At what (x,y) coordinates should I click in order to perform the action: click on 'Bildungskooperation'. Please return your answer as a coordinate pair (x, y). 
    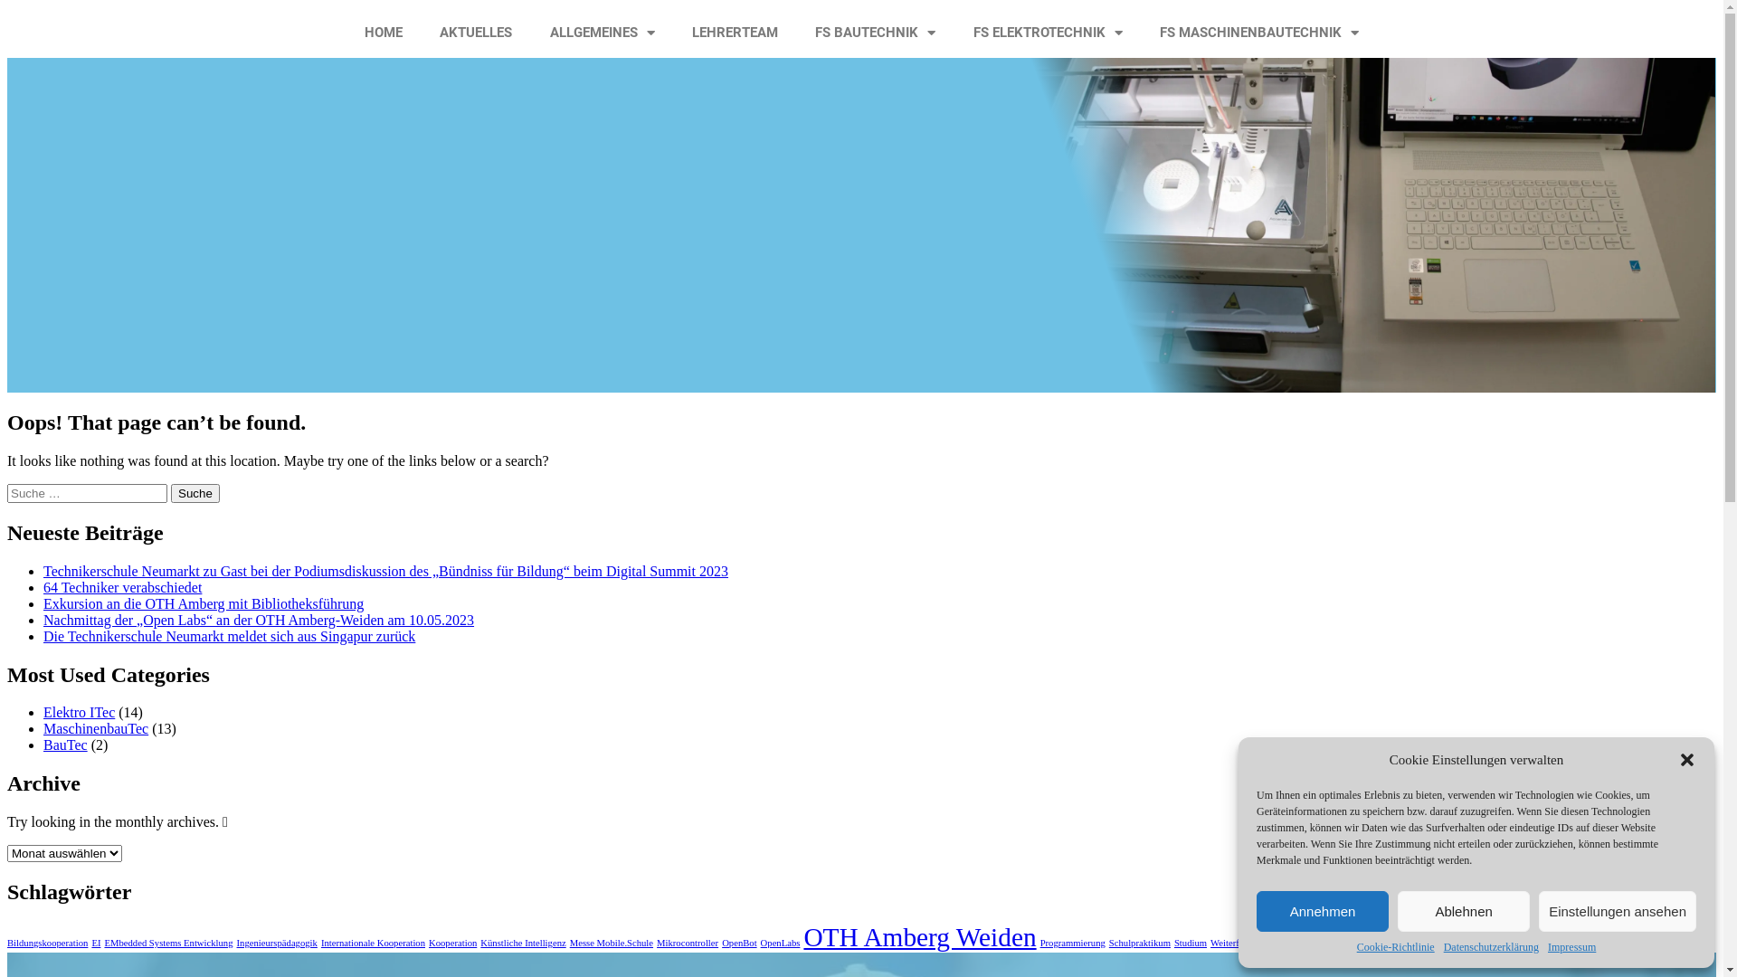
    Looking at the image, I should click on (47, 942).